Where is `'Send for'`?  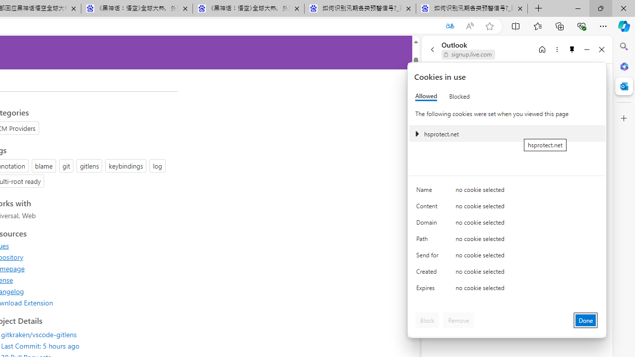
'Send for' is located at coordinates (429, 257).